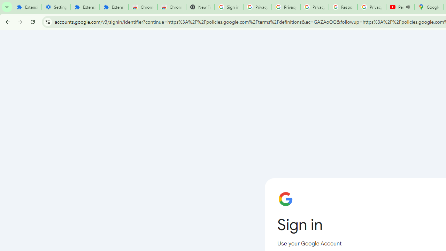  I want to click on 'Sign in - Google Accounts', so click(229, 7).